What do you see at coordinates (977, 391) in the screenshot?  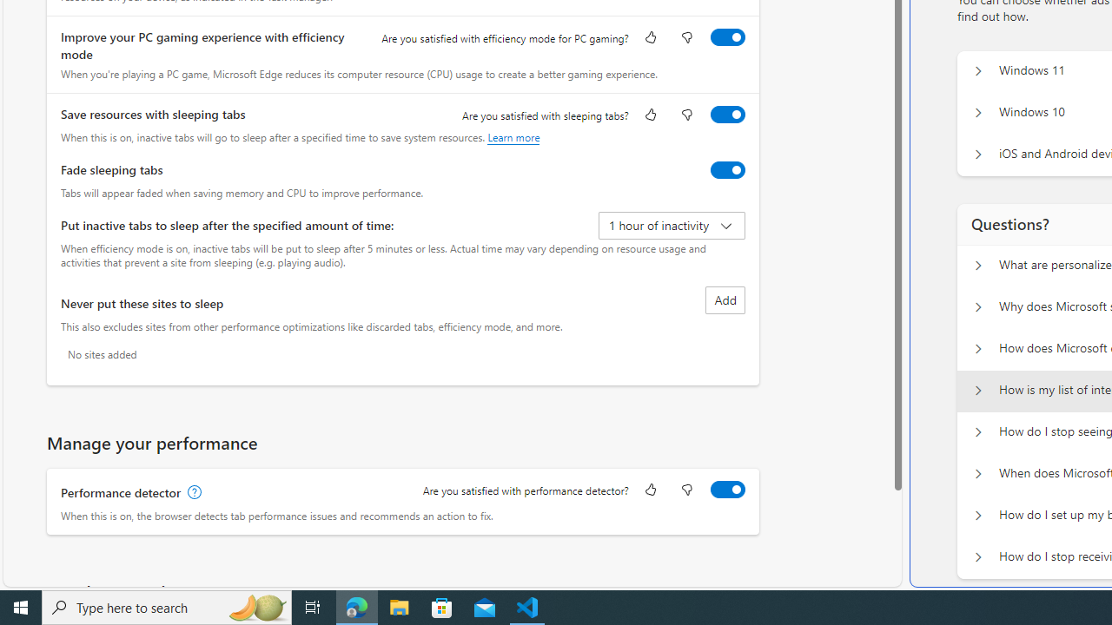 I see `'Questions? How is my list of interests populated?'` at bounding box center [977, 391].